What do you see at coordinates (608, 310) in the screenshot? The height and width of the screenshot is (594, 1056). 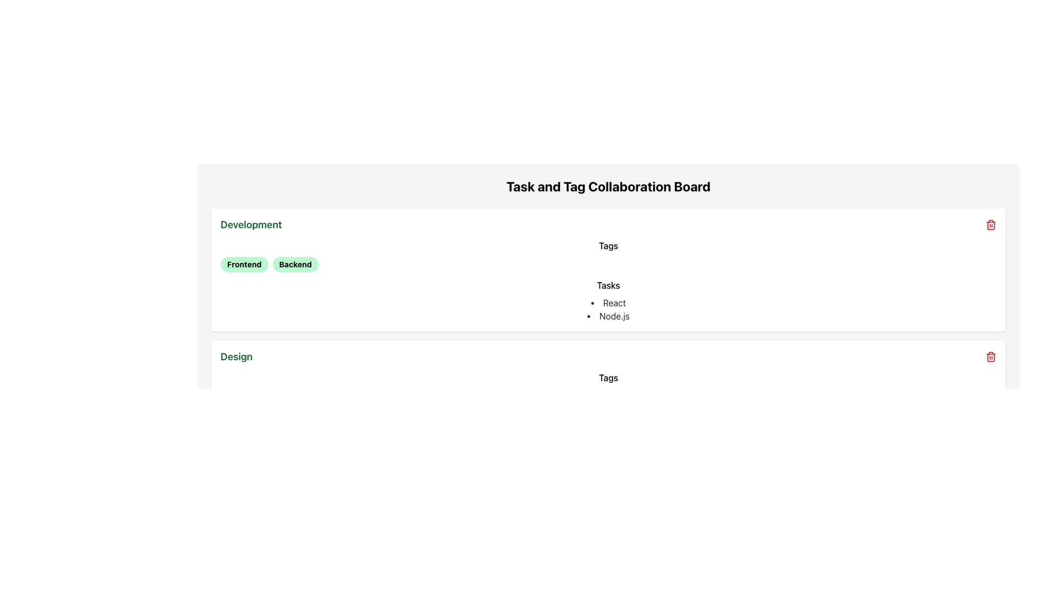 I see `the bullet point list containing 'React' and 'Node.js' items, which is located below the 'Tasks' header` at bounding box center [608, 310].